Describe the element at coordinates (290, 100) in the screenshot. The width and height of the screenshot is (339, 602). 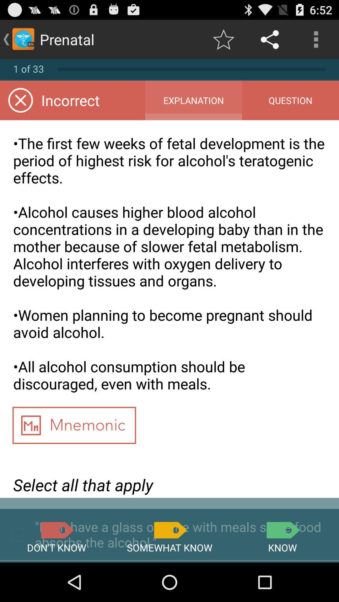
I see `the icon above the first few item` at that location.